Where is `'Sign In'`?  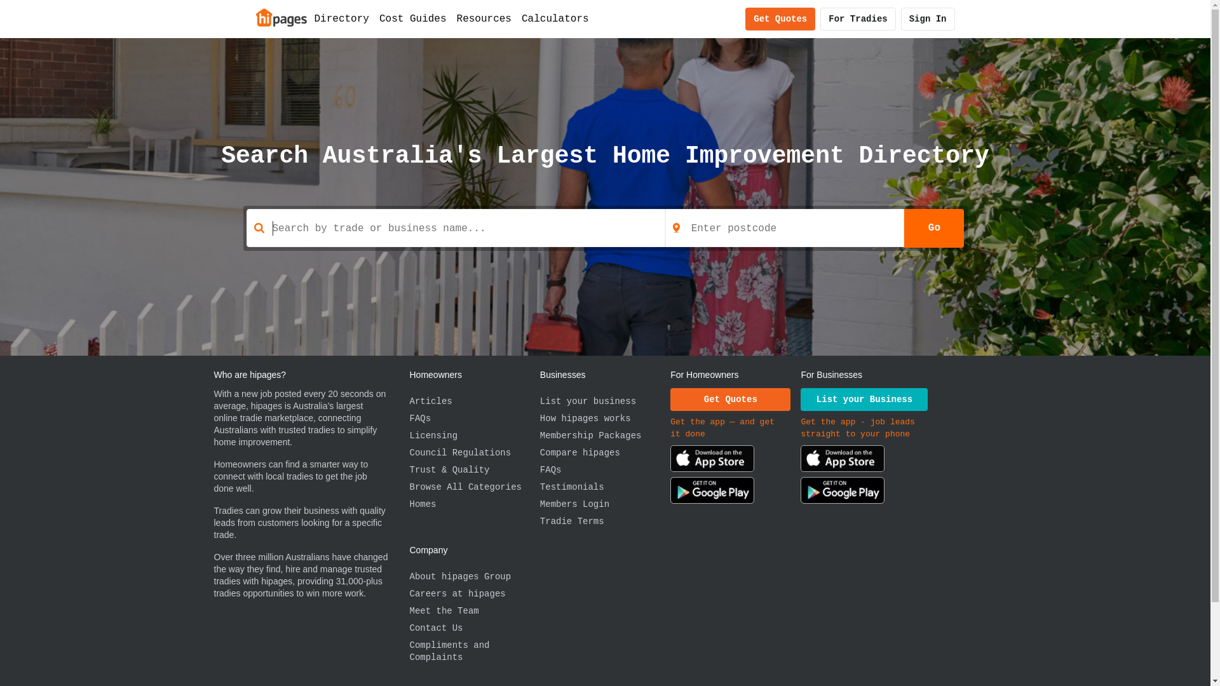 'Sign In' is located at coordinates (928, 19).